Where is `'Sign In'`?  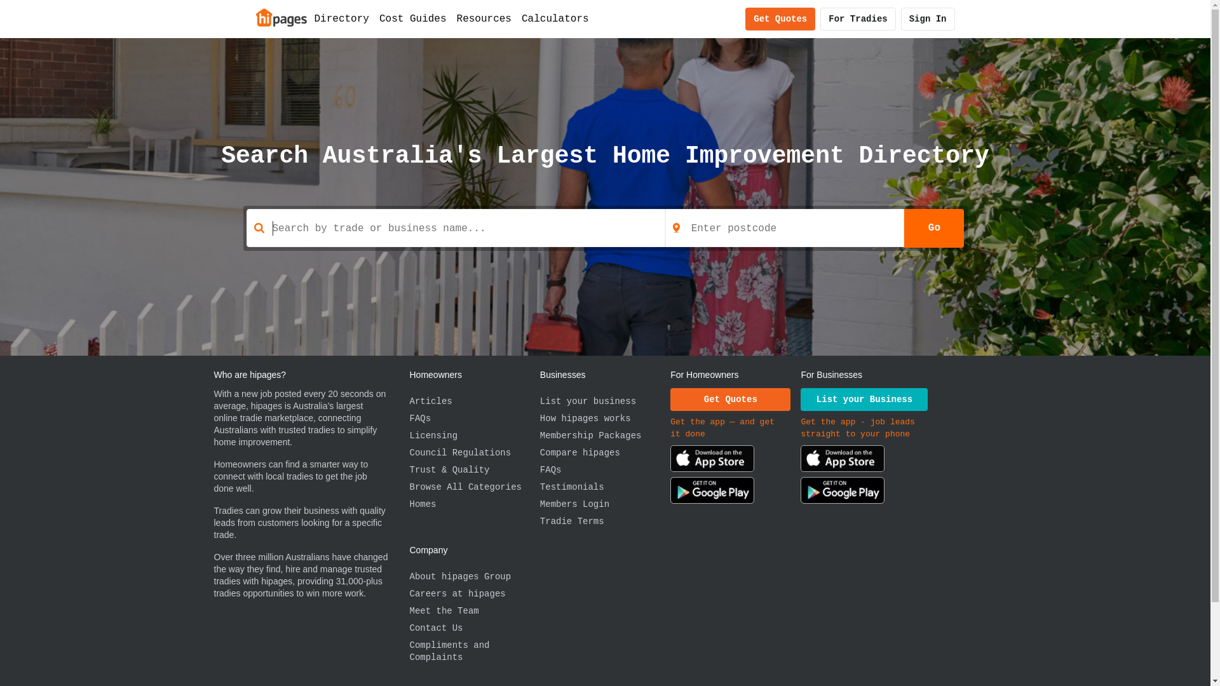 'Sign In' is located at coordinates (928, 19).